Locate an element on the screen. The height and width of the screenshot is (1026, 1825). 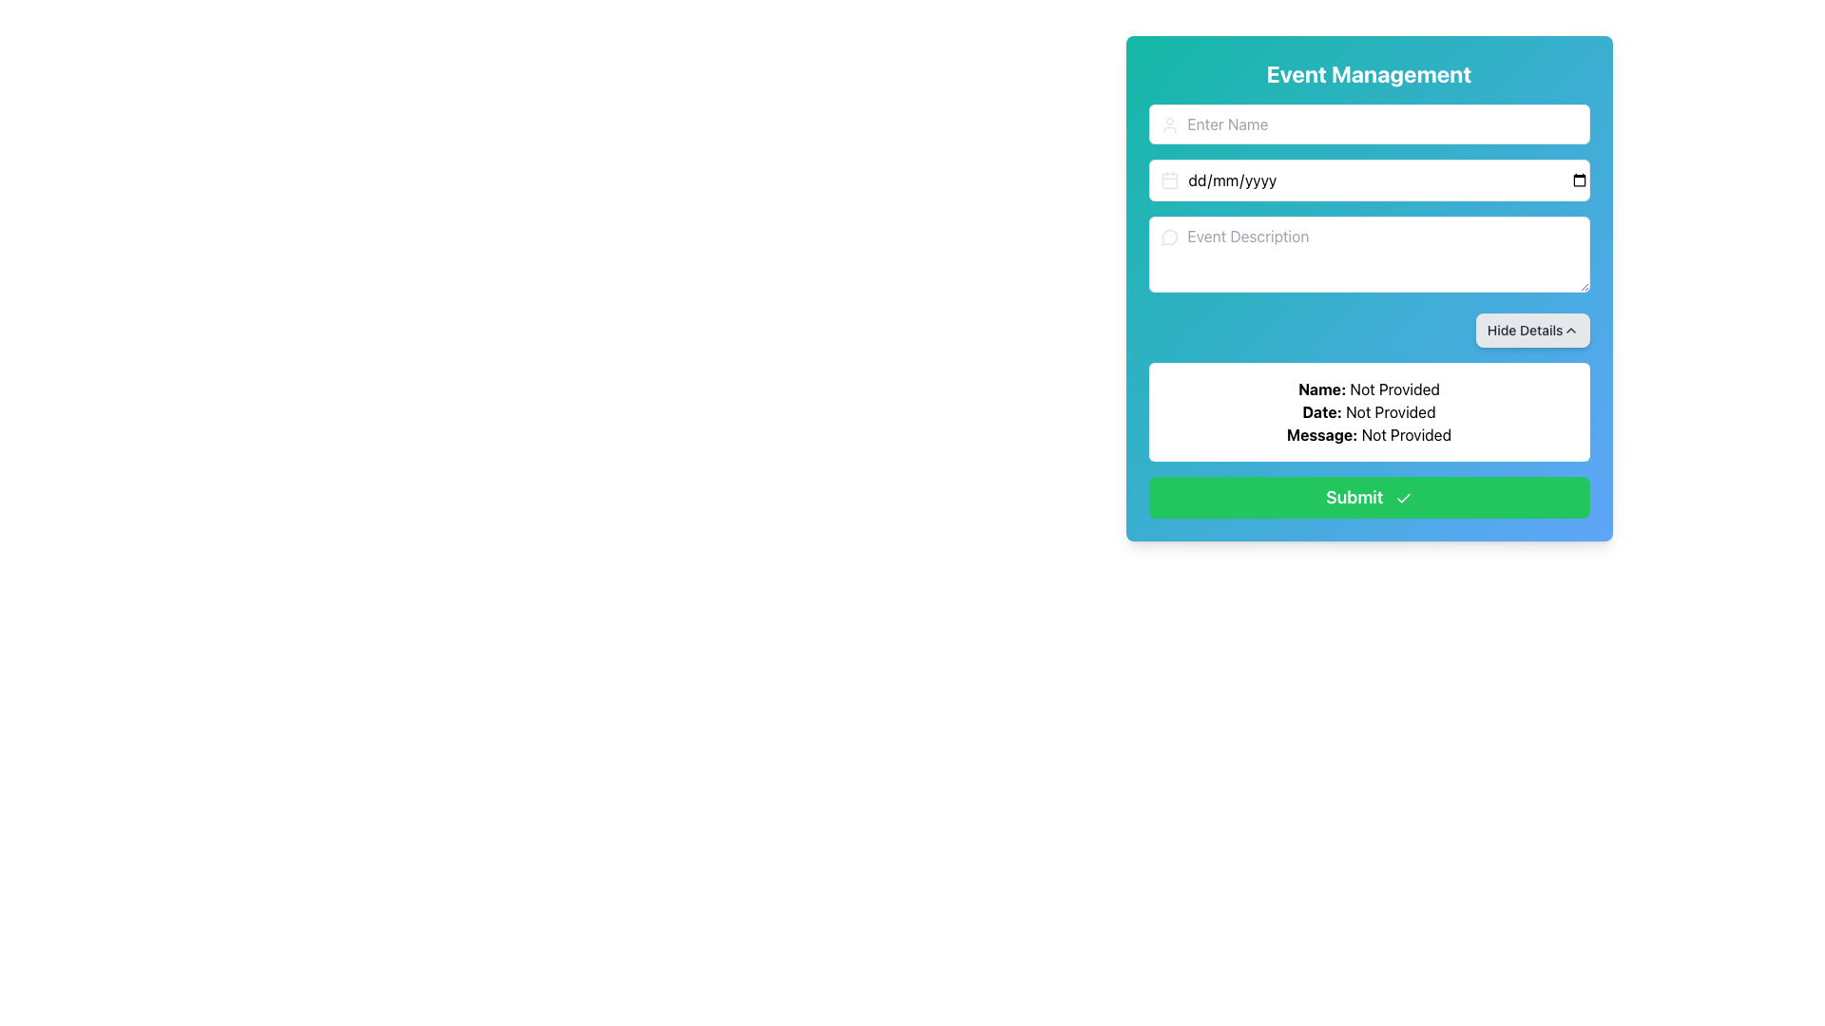
a date from the calendar dropdown in the Date input field located in the Event Management form, positioned below the Enter Name input field is located at coordinates (1369, 180).